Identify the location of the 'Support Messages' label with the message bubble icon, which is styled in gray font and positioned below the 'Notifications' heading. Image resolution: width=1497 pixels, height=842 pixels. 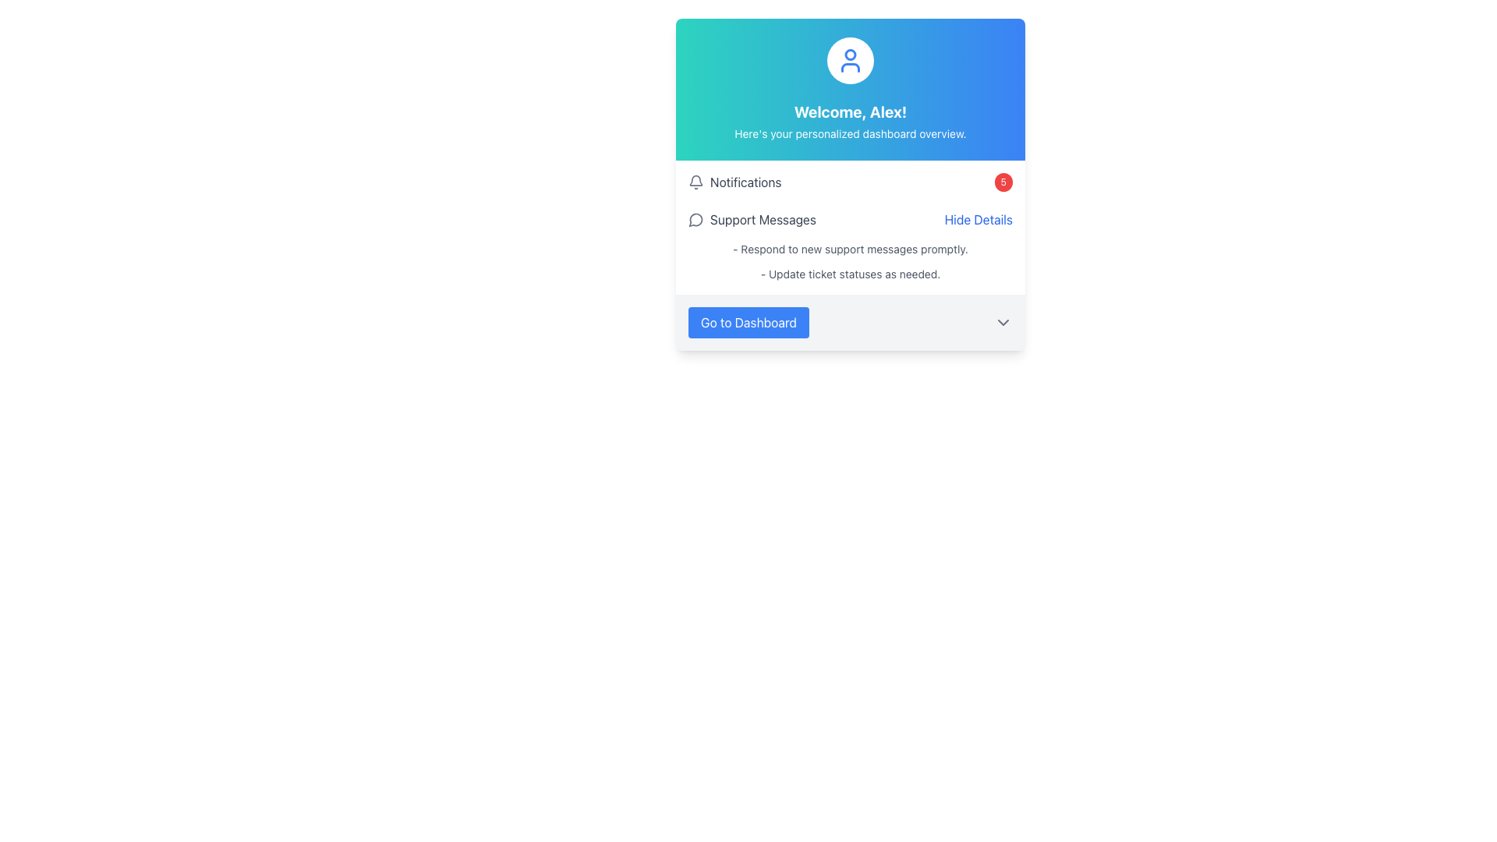
(752, 219).